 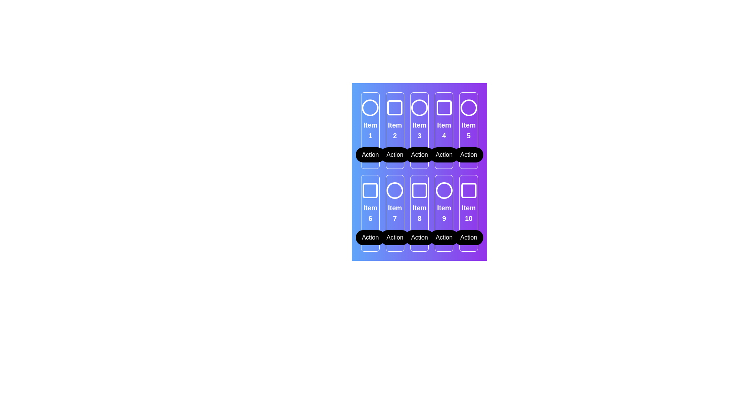 What do you see at coordinates (419, 155) in the screenshot?
I see `the button labeled 'Action' which is styled with a black background and white text, located below 'Item 3' in the grid layout` at bounding box center [419, 155].